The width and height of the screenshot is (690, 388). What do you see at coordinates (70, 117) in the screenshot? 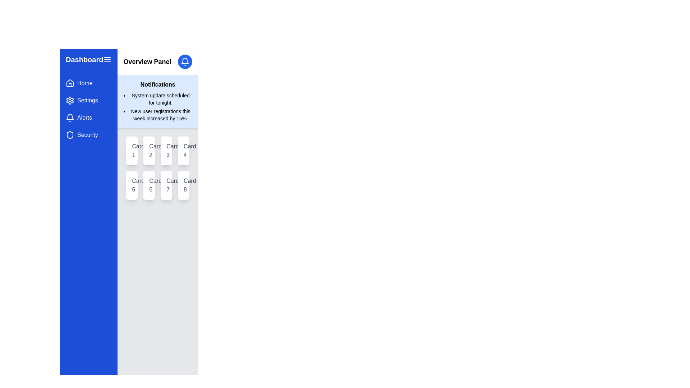
I see `the 'Alerts' icon located in the sidebar panel` at bounding box center [70, 117].